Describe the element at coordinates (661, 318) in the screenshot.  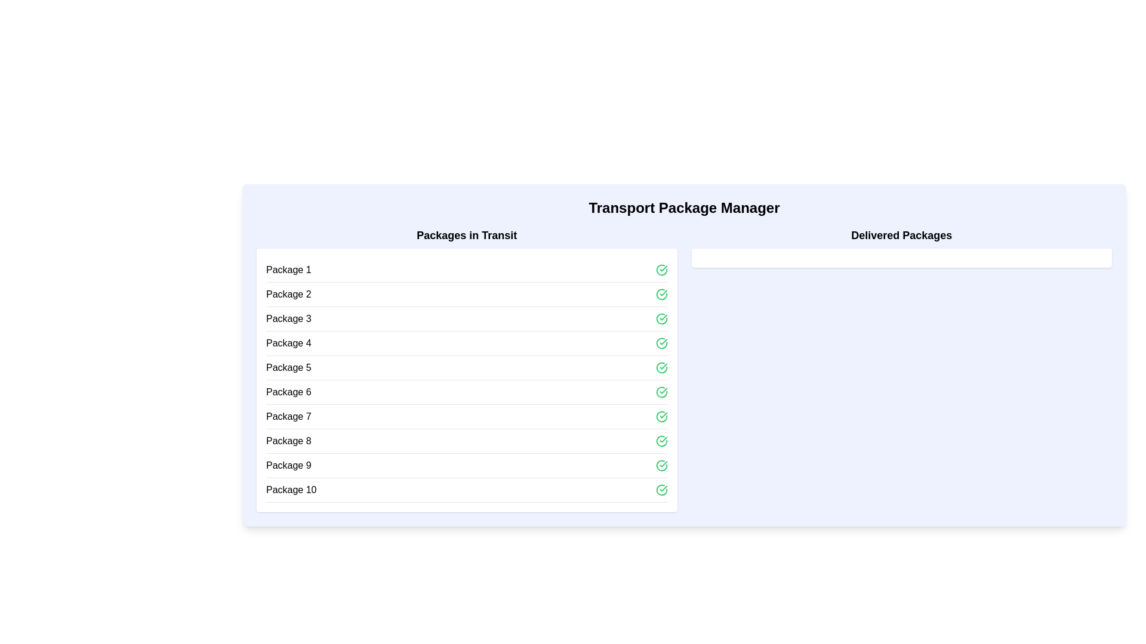
I see `the clickable icon representing confirmation or success located to the far right of the 'Package 3' row in the 'Packages in Transit' section` at that location.